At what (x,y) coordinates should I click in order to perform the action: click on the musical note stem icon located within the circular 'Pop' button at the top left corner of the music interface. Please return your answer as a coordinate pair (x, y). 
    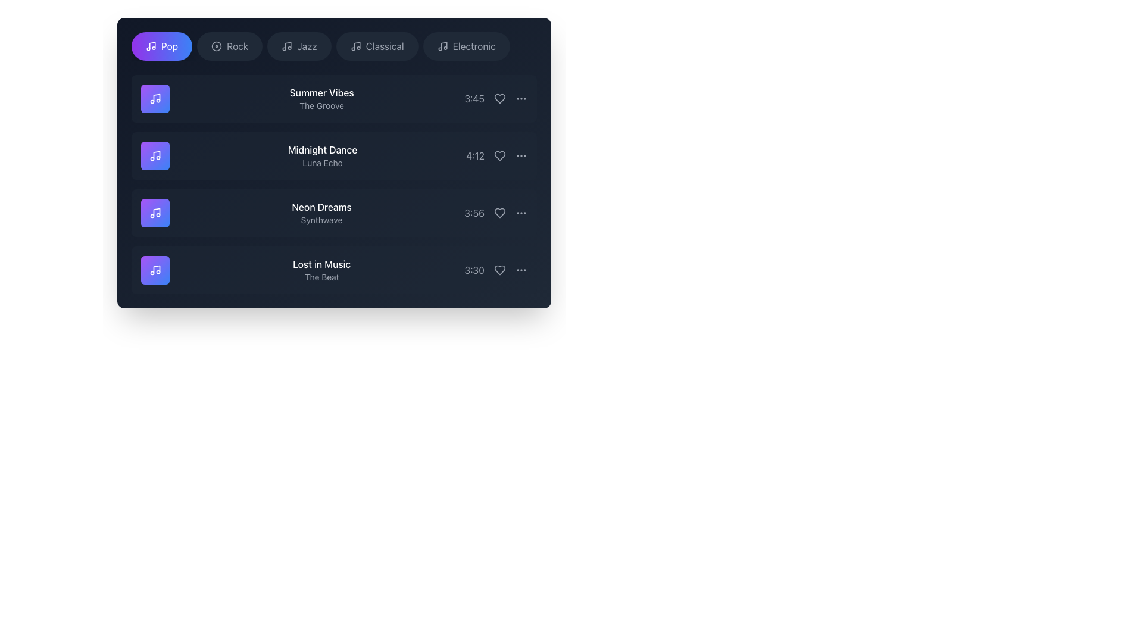
    Looking at the image, I should click on (152, 45).